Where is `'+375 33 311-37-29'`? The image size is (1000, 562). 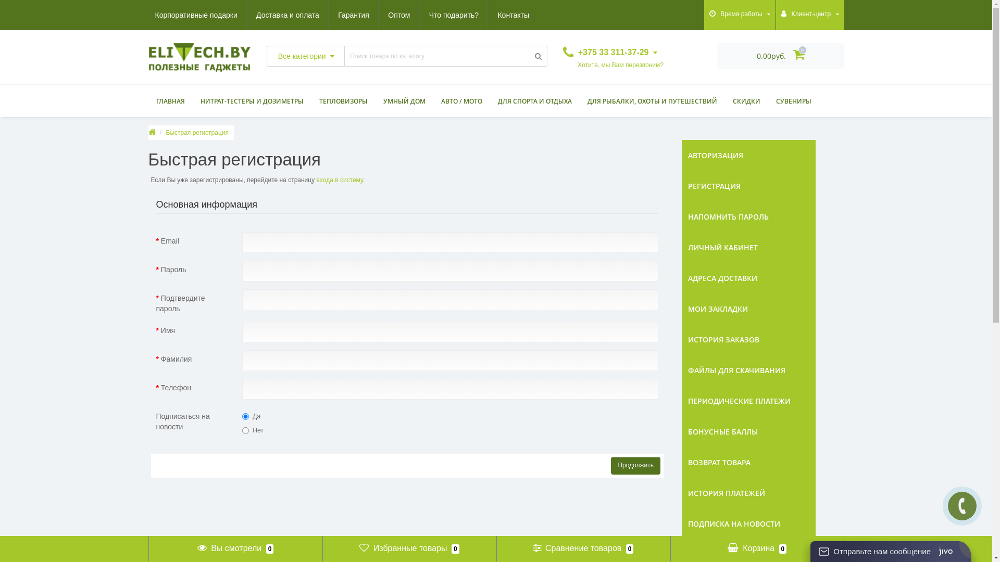
'+375 33 311-37-29' is located at coordinates (562, 52).